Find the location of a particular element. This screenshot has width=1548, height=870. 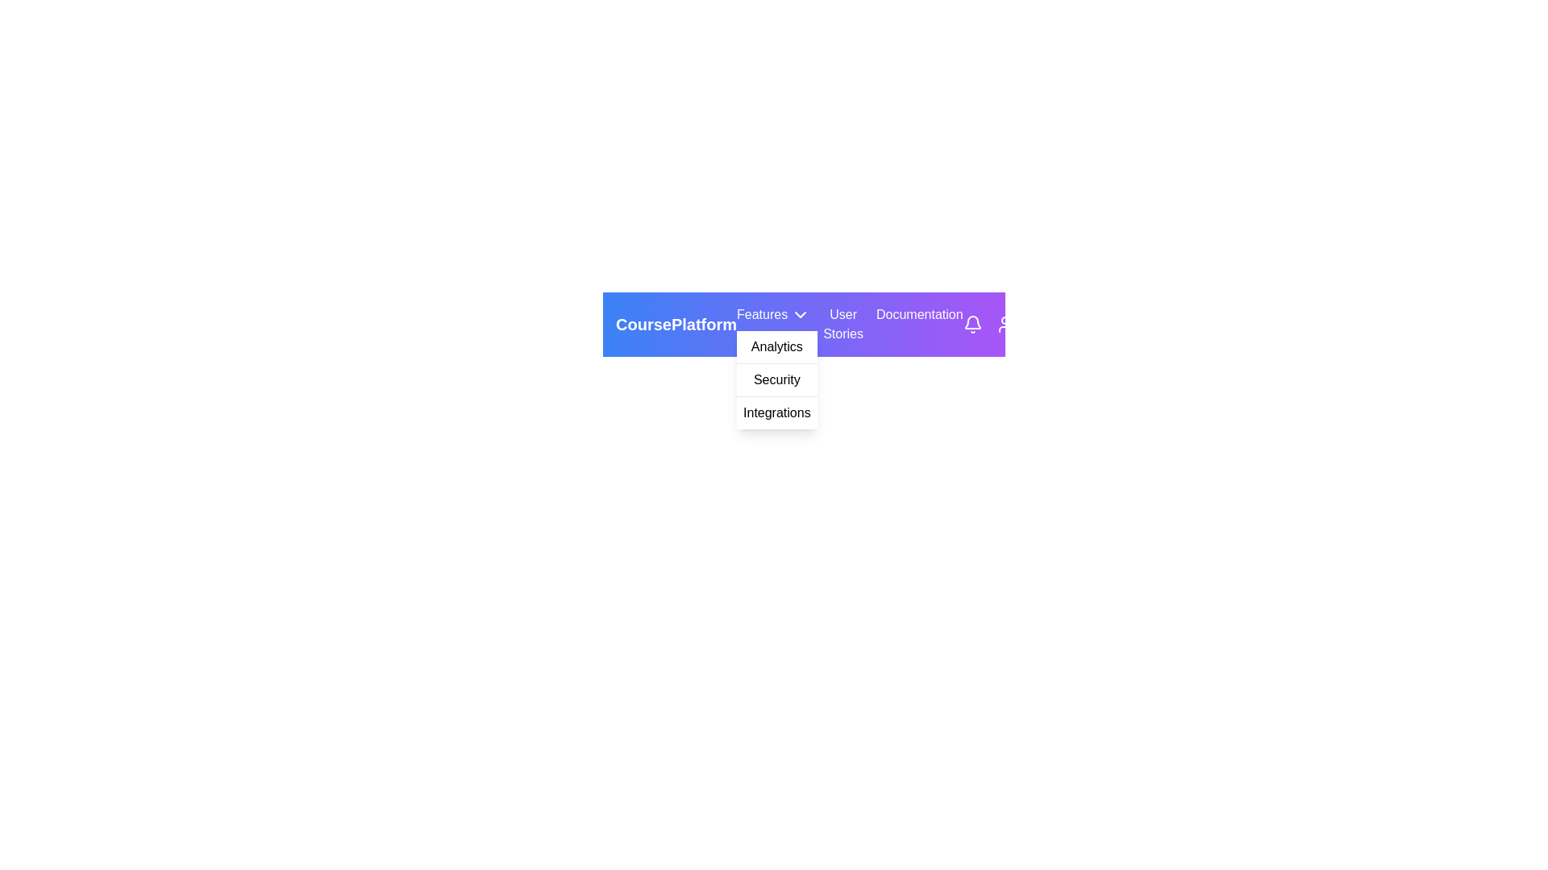

the text label reading 'Security' is located at coordinates (776, 380).